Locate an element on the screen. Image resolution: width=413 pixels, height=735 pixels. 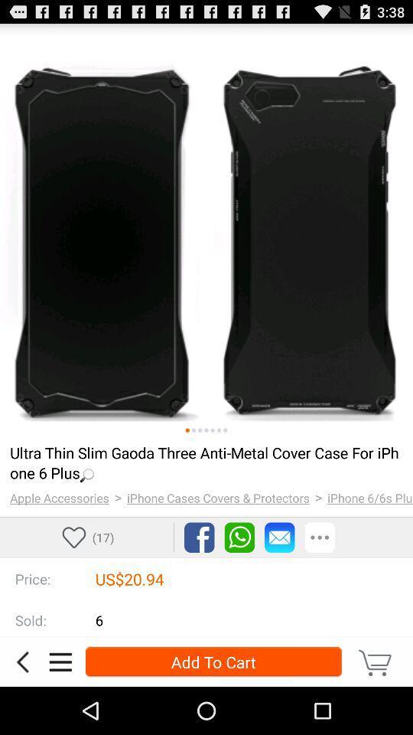
load next page is located at coordinates (212, 430).